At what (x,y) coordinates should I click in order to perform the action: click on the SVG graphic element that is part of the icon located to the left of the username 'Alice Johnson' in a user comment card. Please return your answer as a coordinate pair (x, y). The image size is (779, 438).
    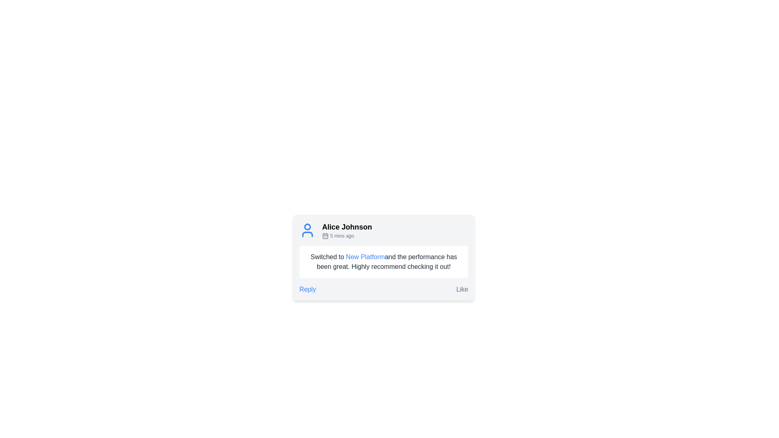
    Looking at the image, I should click on (325, 236).